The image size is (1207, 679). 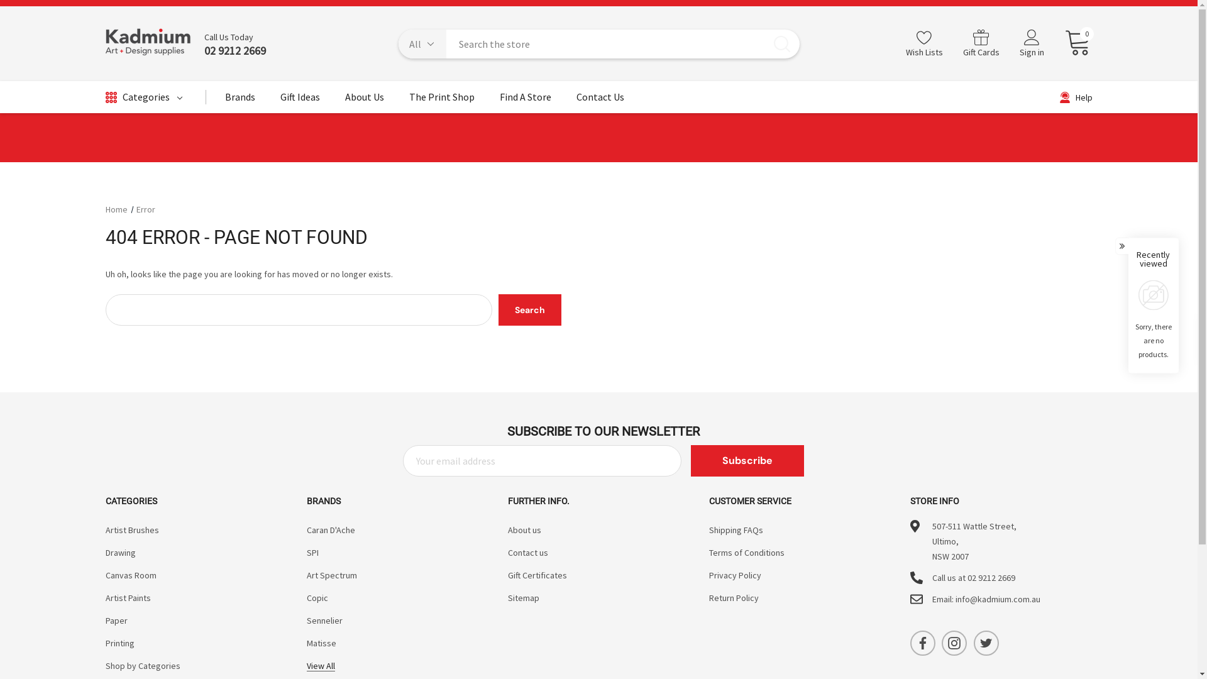 I want to click on 'Kadmium | Art + Design supplies', so click(x=148, y=43).